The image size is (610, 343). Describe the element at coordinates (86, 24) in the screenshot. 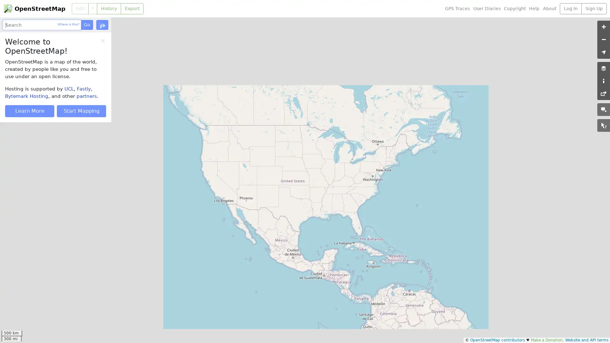

I see `Go` at that location.